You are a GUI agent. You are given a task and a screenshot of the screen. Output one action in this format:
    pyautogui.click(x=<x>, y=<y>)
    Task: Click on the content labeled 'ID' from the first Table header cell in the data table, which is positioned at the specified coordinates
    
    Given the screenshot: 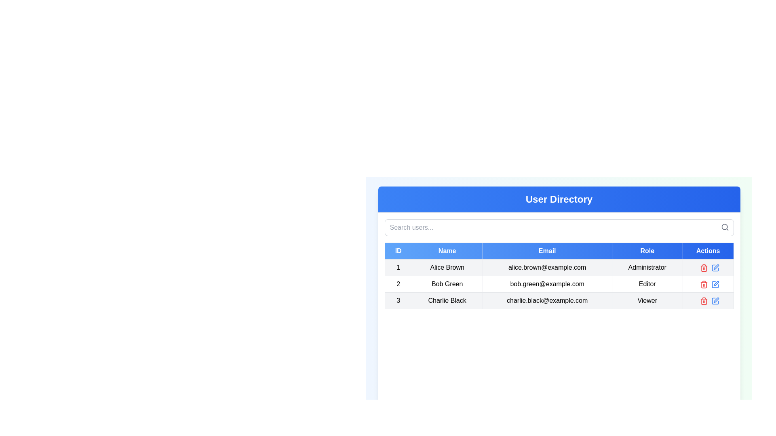 What is the action you would take?
    pyautogui.click(x=398, y=250)
    